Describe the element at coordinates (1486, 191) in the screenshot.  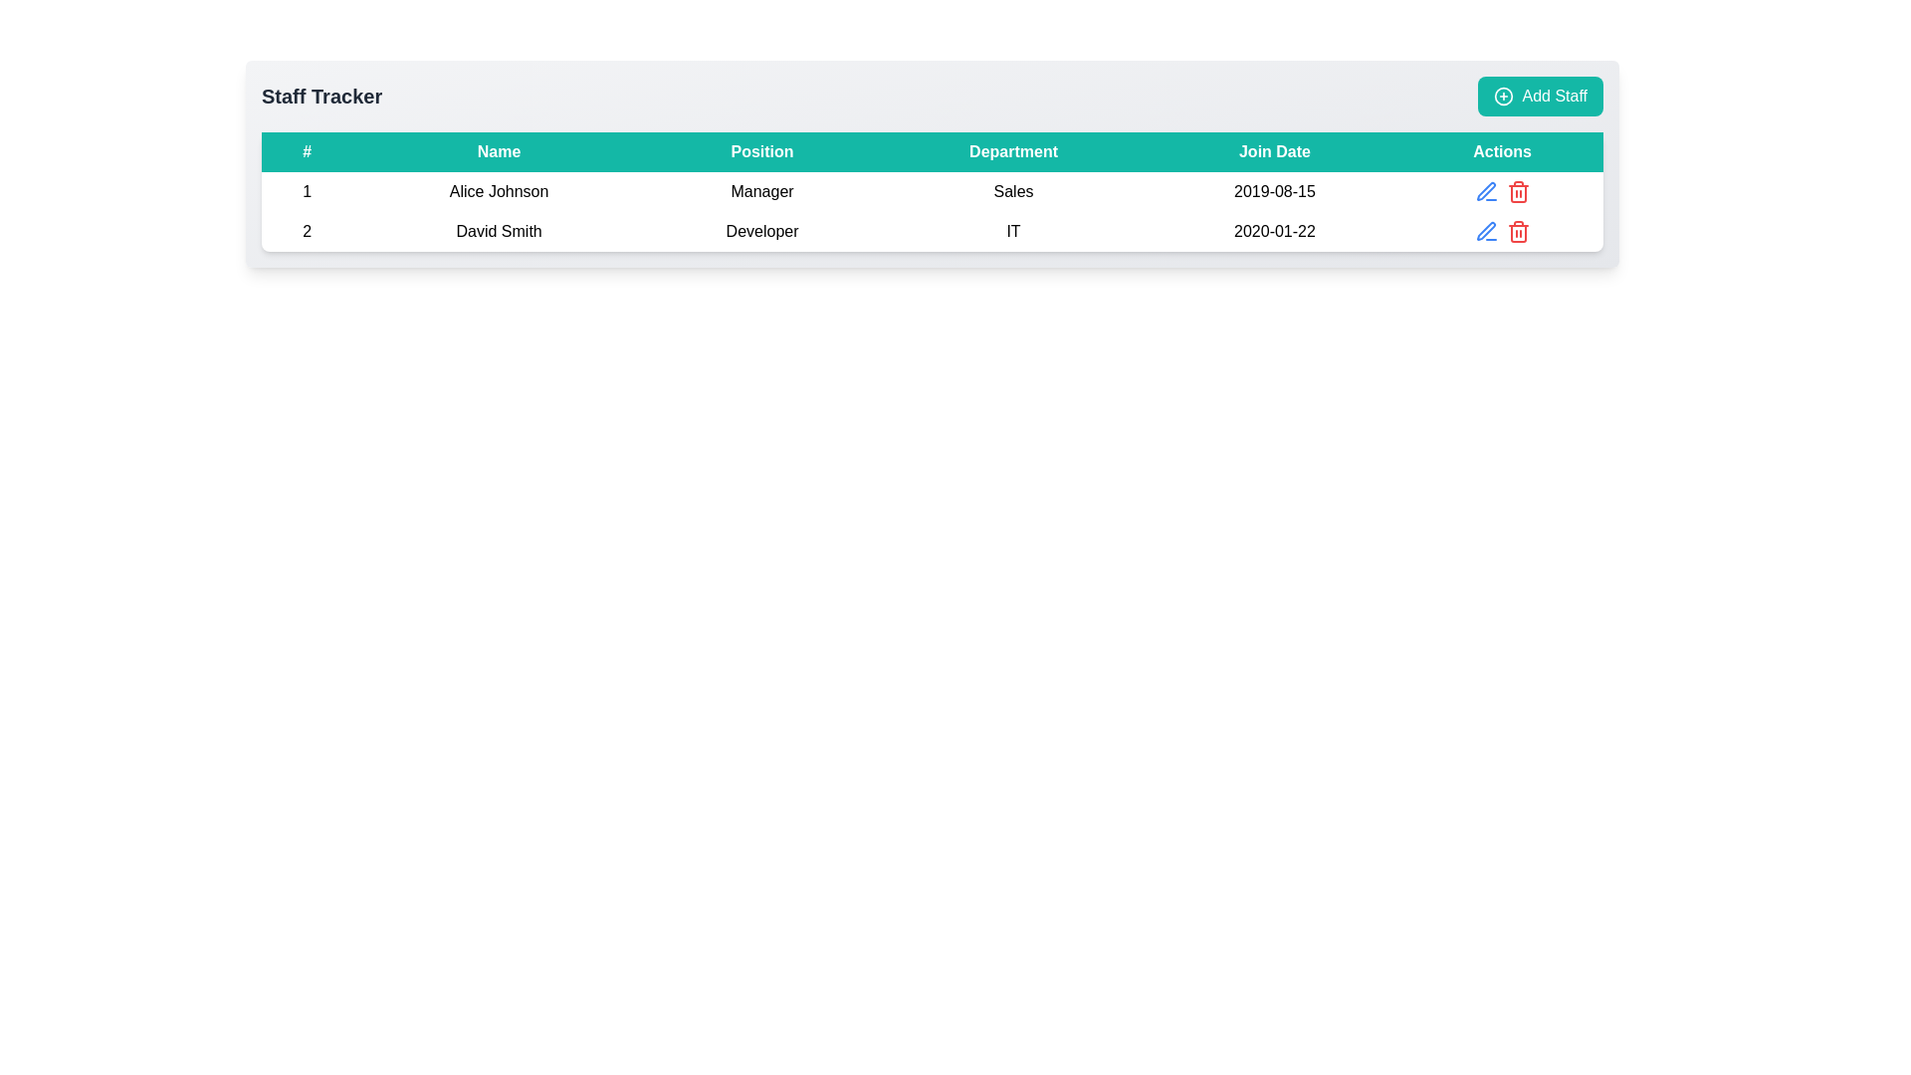
I see `the blue pen icon button for editing, located in the 'Actions' column of the second row in the table` at that location.